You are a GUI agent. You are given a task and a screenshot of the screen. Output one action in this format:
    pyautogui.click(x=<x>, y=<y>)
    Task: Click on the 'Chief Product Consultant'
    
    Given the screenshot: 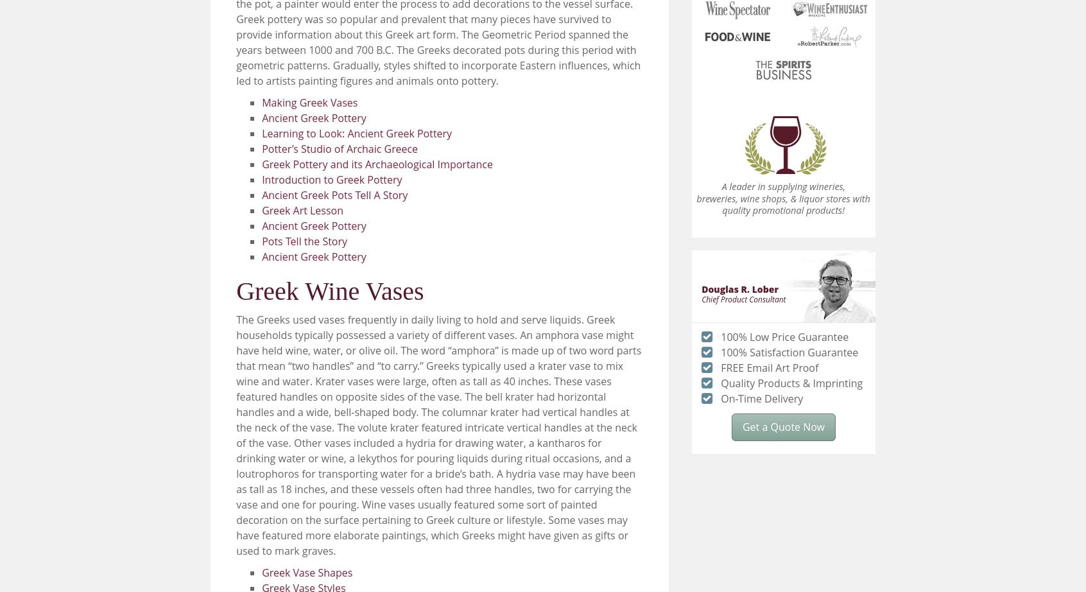 What is the action you would take?
    pyautogui.click(x=702, y=299)
    